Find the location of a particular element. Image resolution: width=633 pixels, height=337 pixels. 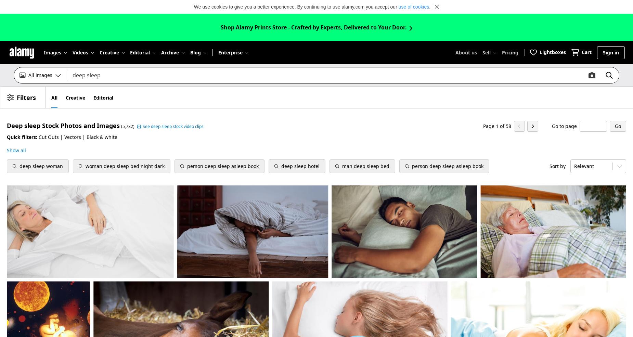

'.' is located at coordinates (428, 6).